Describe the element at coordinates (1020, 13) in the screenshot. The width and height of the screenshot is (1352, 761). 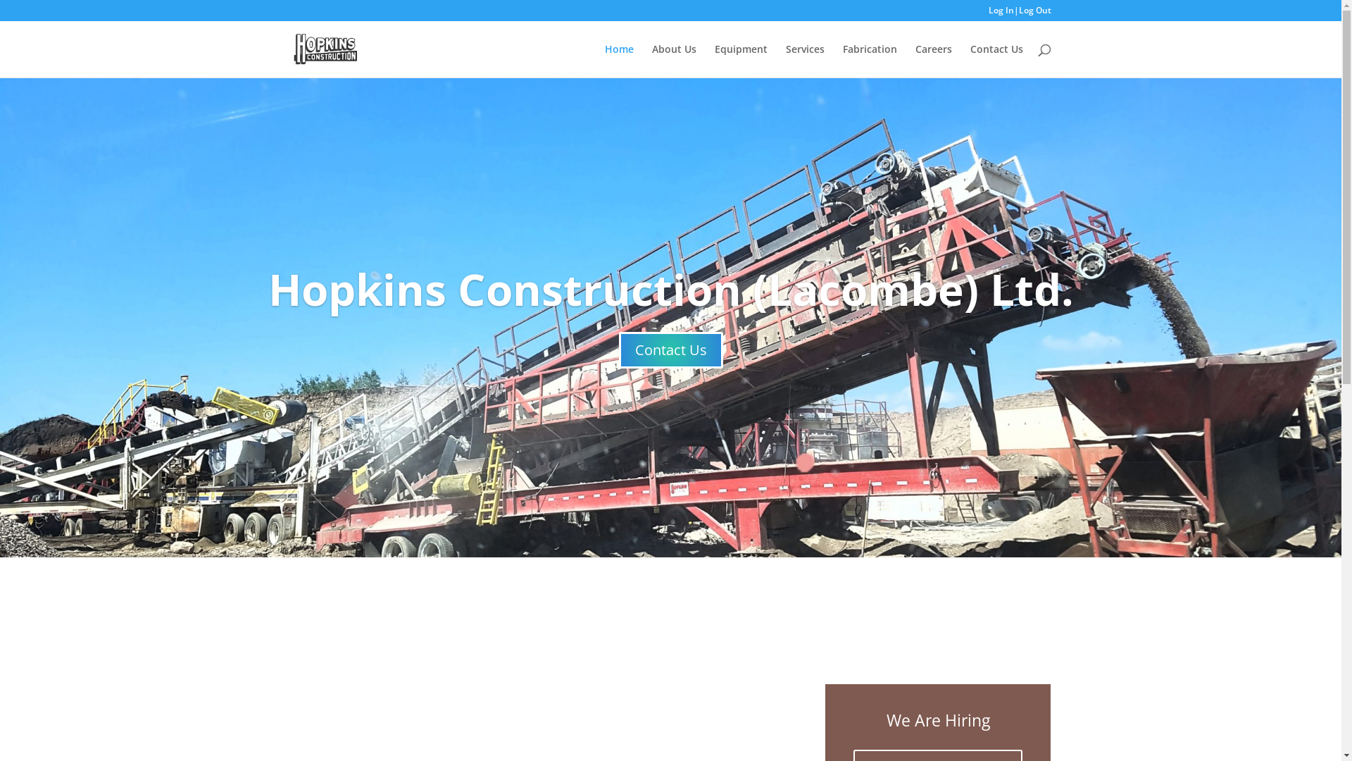
I see `'Log In|Log Out'` at that location.